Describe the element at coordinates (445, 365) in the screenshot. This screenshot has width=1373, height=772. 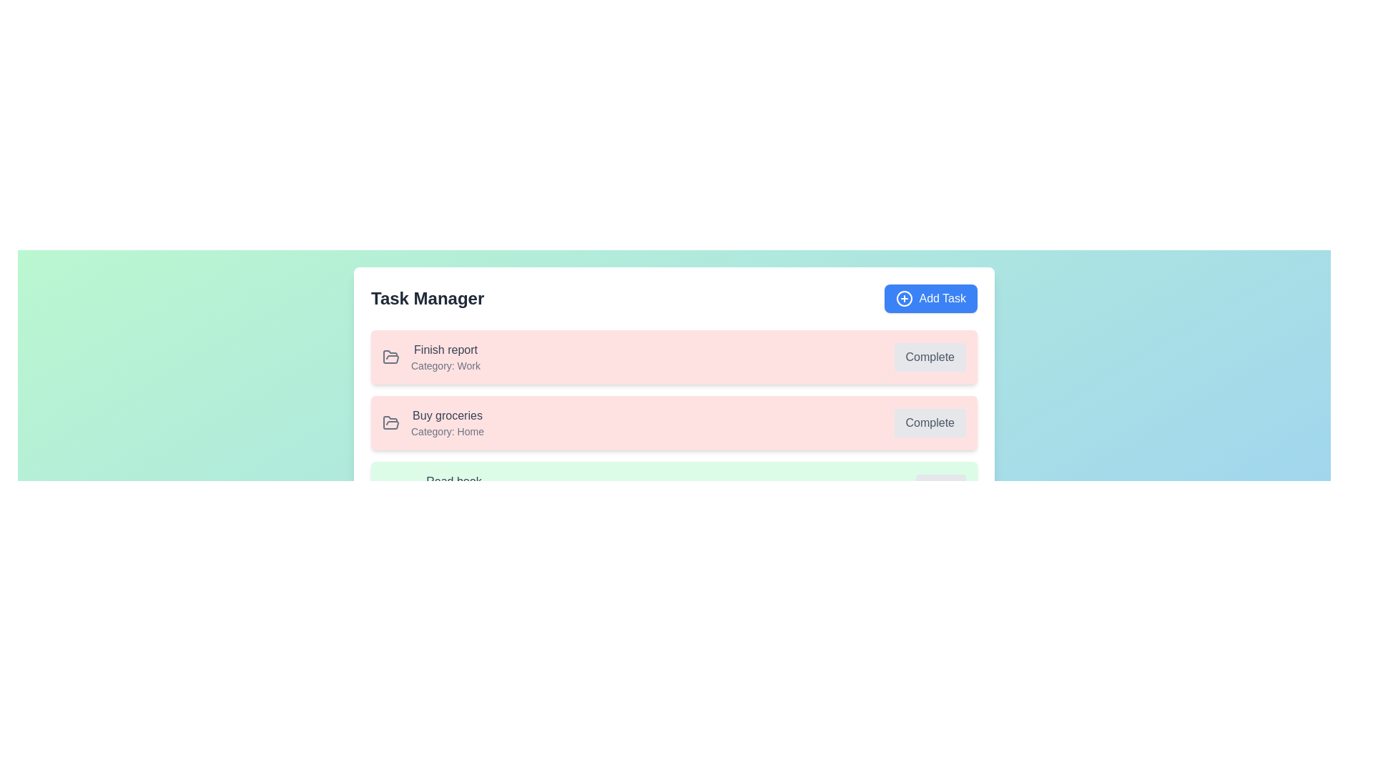
I see `the text label displaying 'Category: Work' which is styled in gray color and positioned within the 'Finish report' task card` at that location.